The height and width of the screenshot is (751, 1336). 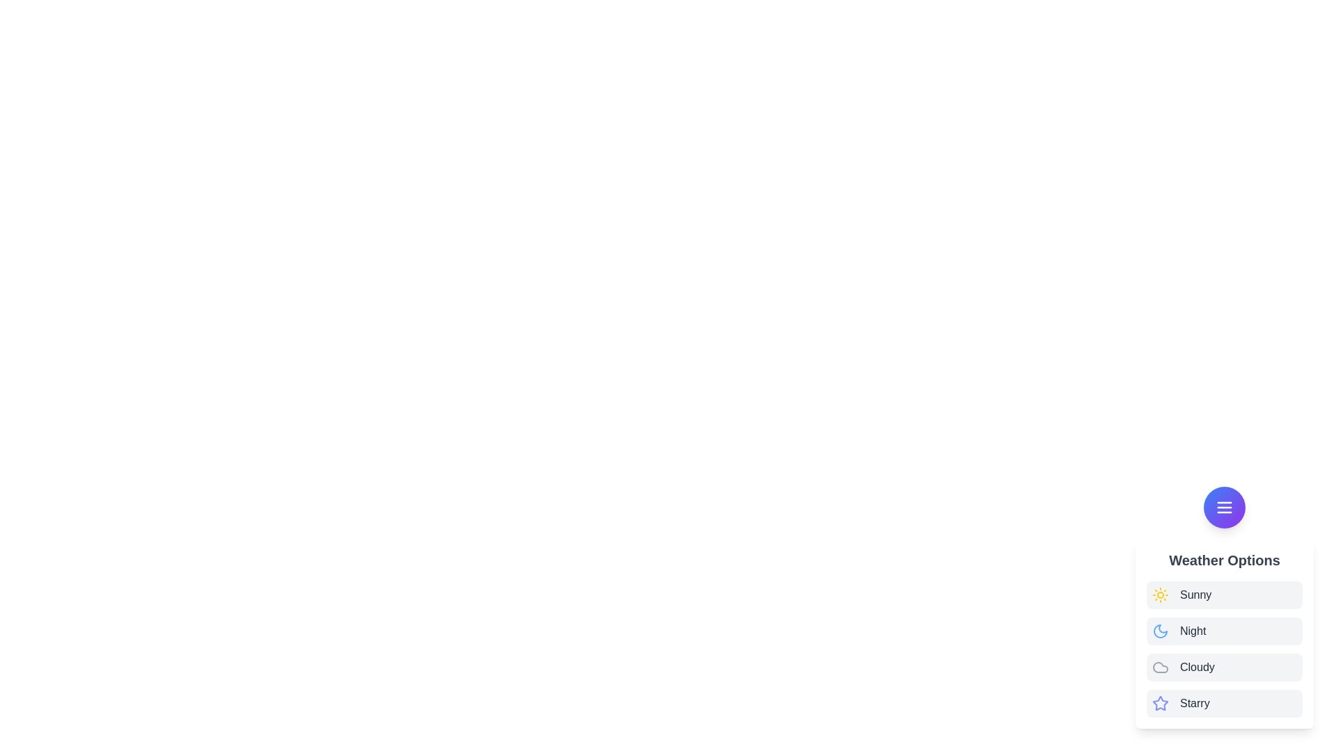 I want to click on the weather option Cloudy from the list, so click(x=1225, y=667).